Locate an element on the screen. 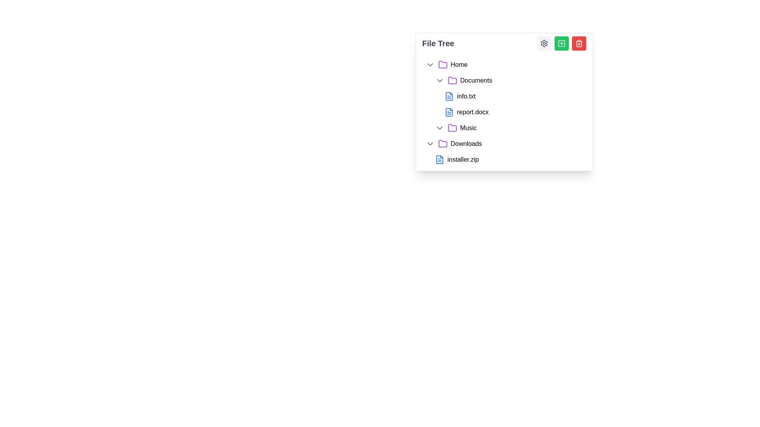  the file type indicator icon for the .zip archive associated with 'installer.zip', which is located at the beginning of the file entry list is located at coordinates (439, 160).